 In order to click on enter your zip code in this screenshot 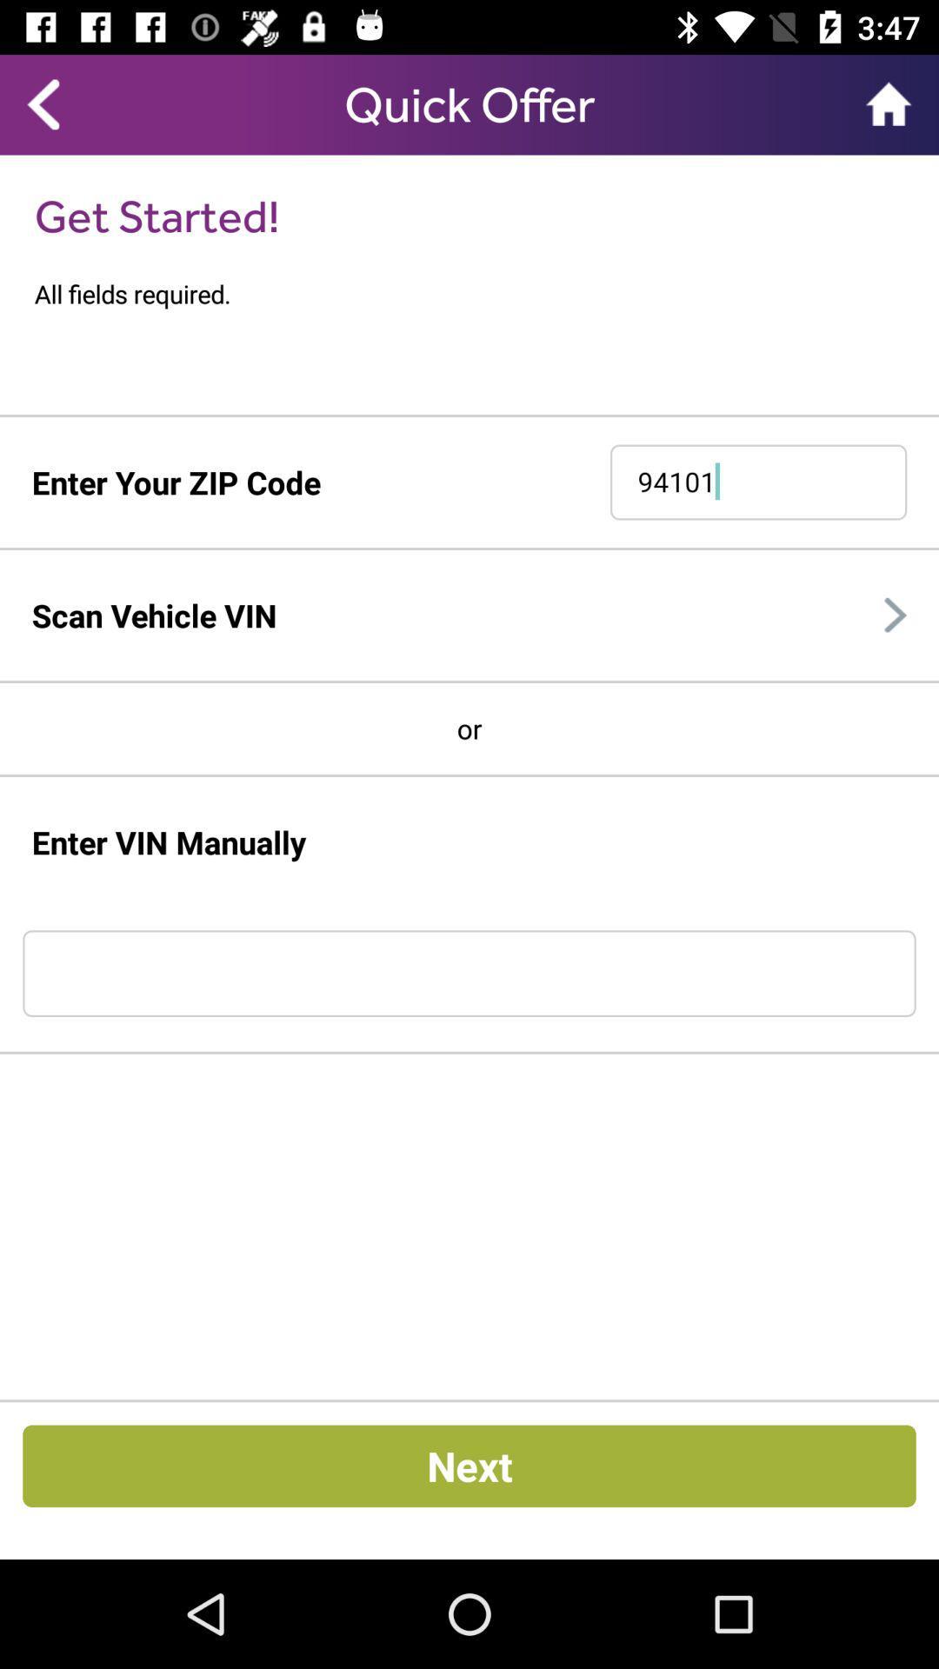, I will do `click(176, 482)`.